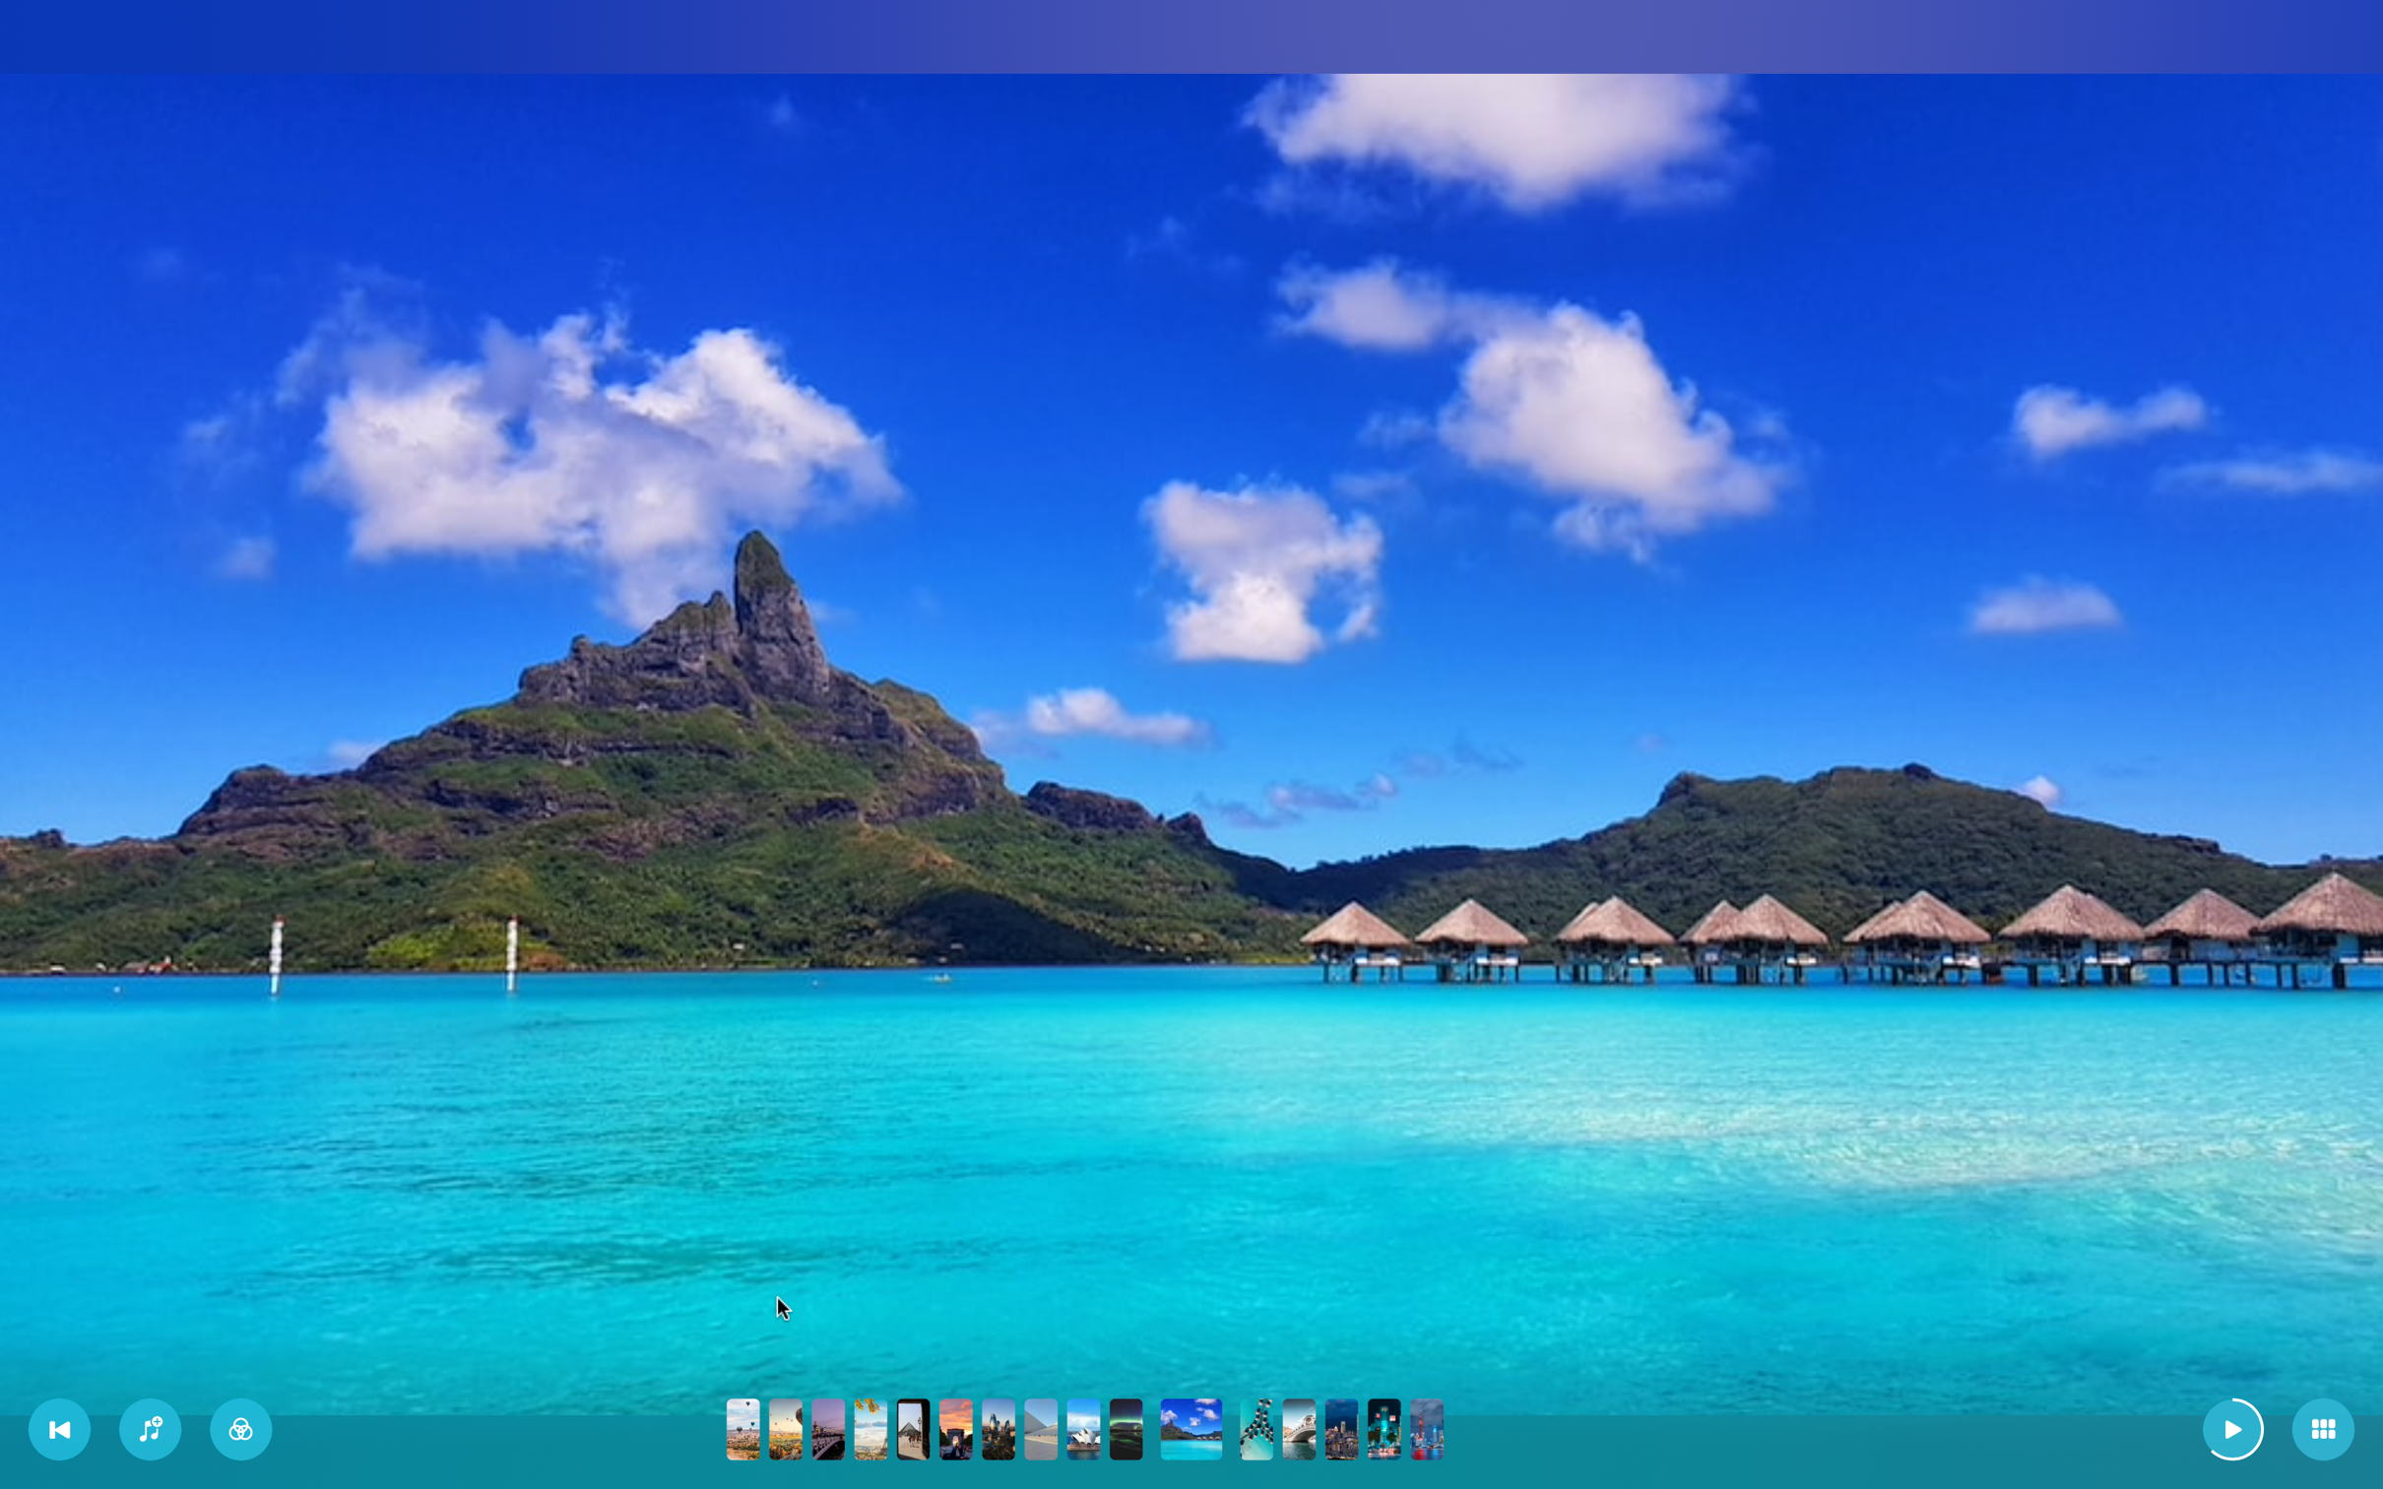 Image resolution: width=2383 pixels, height=1489 pixels. I want to click on Enable the tile interface, so click(2323, 1430).